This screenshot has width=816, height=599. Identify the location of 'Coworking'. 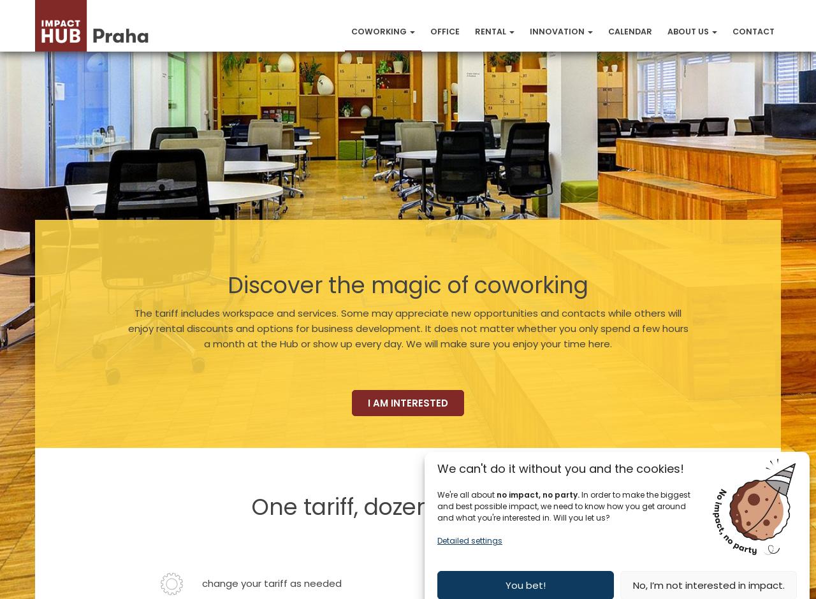
(379, 40).